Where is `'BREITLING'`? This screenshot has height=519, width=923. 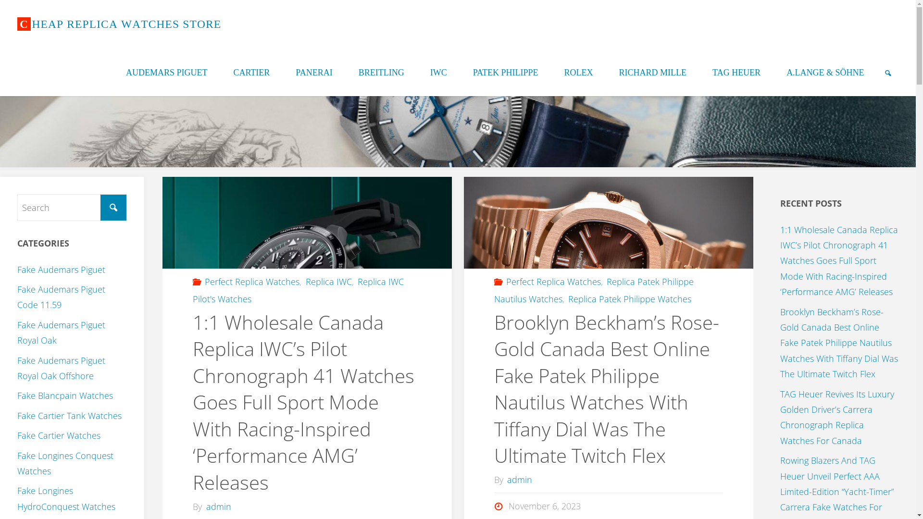 'BREITLING' is located at coordinates (381, 72).